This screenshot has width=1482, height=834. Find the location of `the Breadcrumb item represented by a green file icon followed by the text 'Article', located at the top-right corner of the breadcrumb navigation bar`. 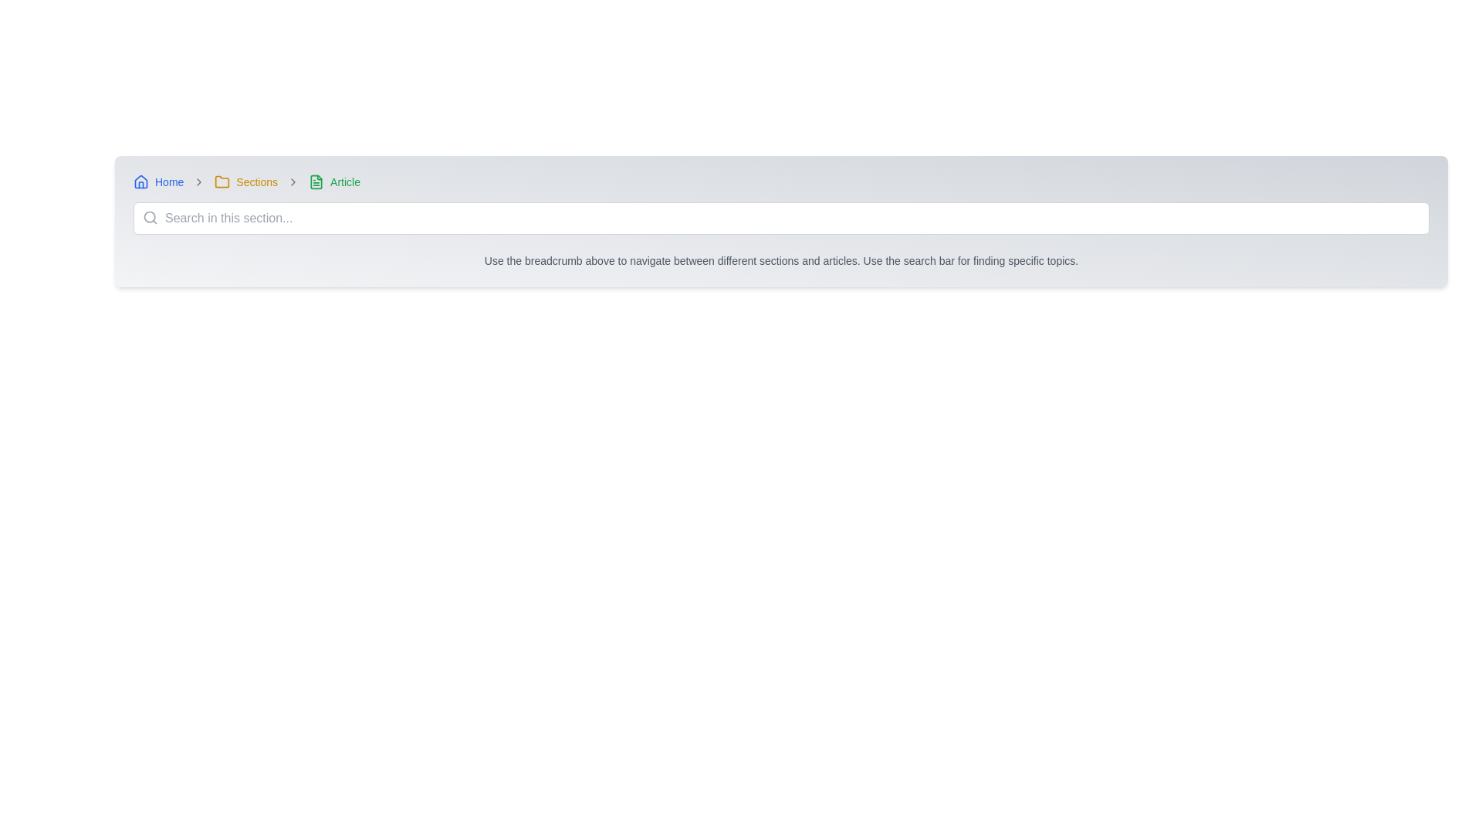

the Breadcrumb item represented by a green file icon followed by the text 'Article', located at the top-right corner of the breadcrumb navigation bar is located at coordinates (333, 181).